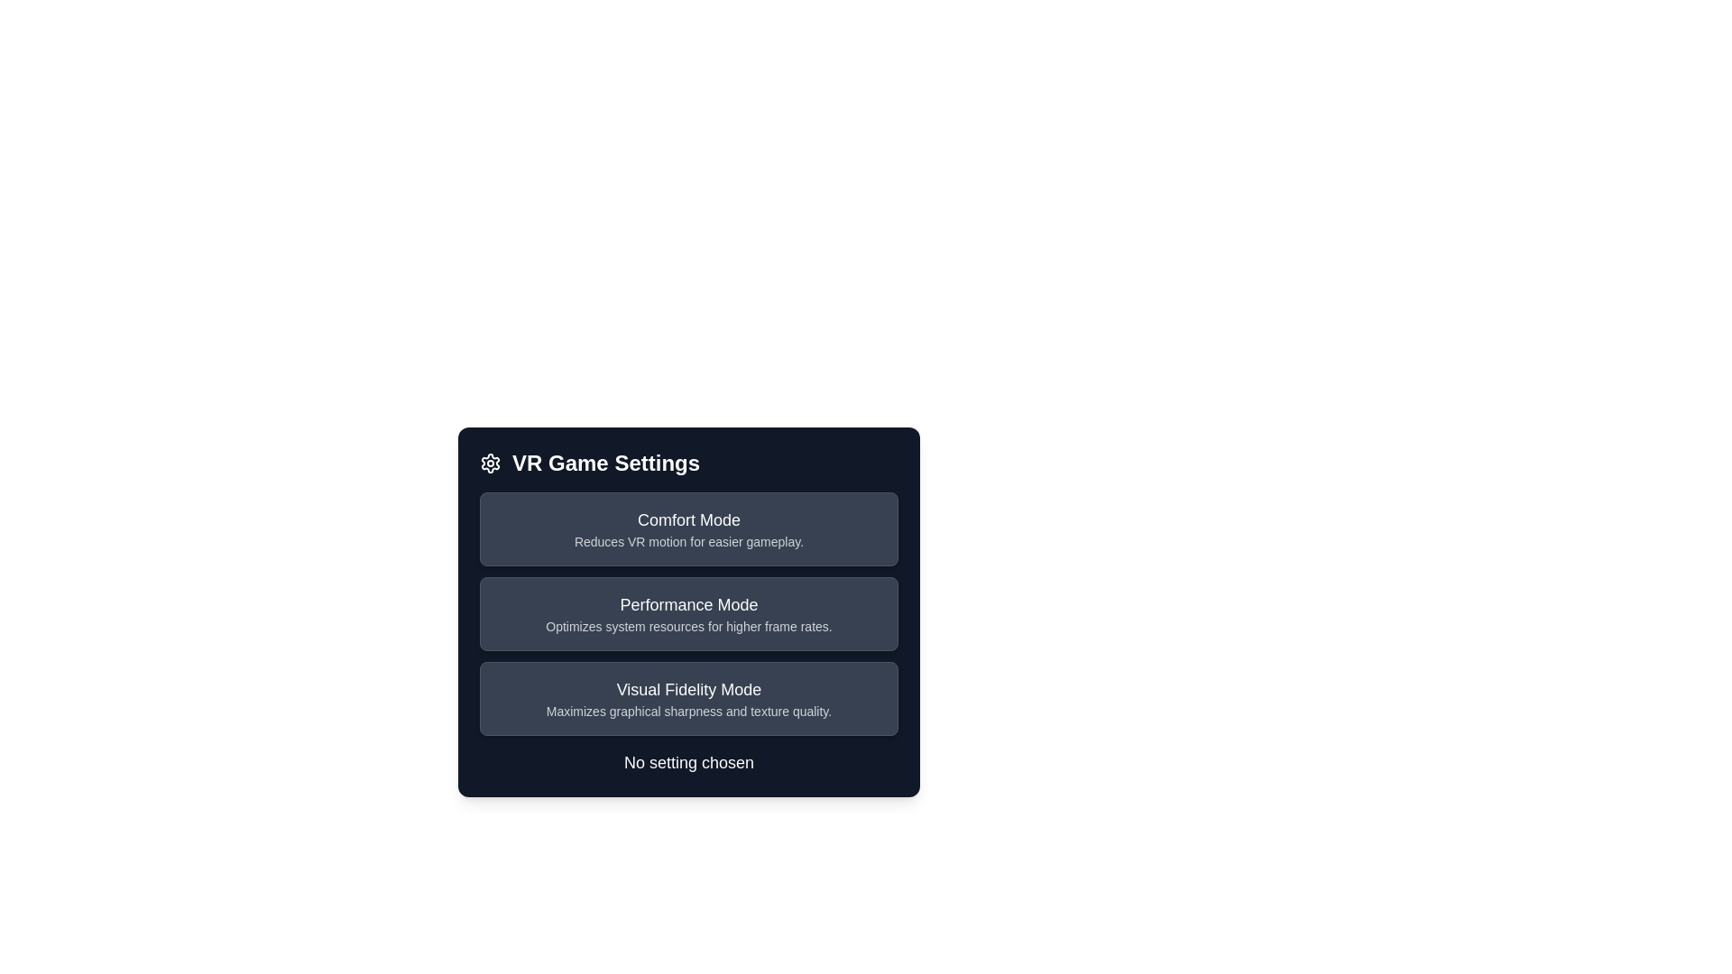 The height and width of the screenshot is (974, 1732). What do you see at coordinates (687, 689) in the screenshot?
I see `text content of the header label for 'Visual Fidelity Mode' which is centrally positioned at the top of its section` at bounding box center [687, 689].